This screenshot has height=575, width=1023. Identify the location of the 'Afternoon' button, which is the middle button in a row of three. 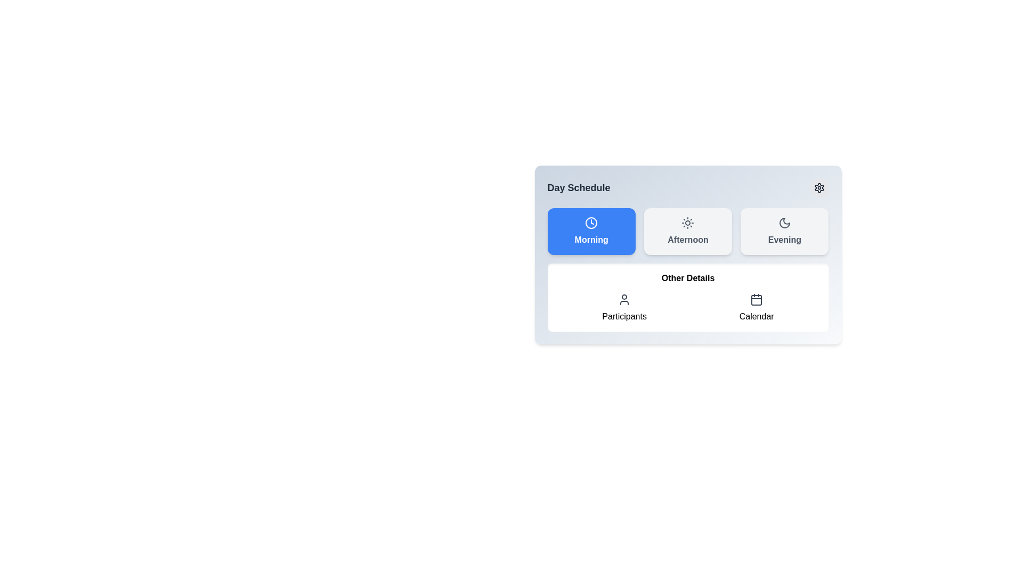
(688, 231).